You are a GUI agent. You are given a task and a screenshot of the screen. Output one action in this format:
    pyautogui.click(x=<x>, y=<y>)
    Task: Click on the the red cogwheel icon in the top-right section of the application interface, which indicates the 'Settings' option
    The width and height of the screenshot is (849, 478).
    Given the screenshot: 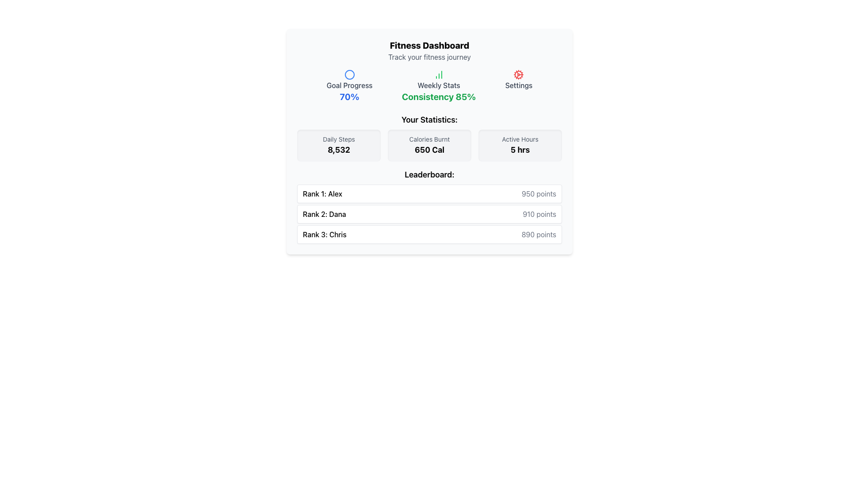 What is the action you would take?
    pyautogui.click(x=519, y=74)
    